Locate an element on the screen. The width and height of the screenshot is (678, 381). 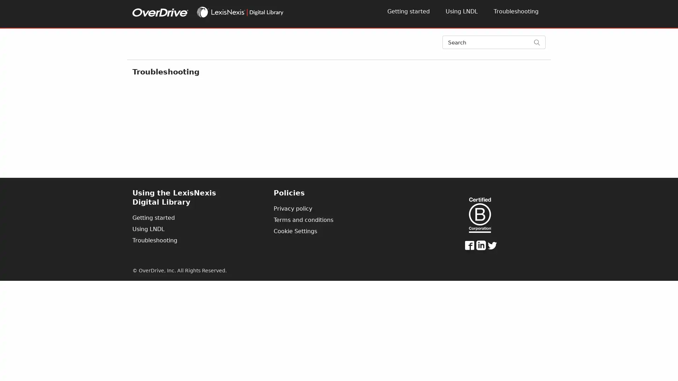
Search is located at coordinates (539, 42).